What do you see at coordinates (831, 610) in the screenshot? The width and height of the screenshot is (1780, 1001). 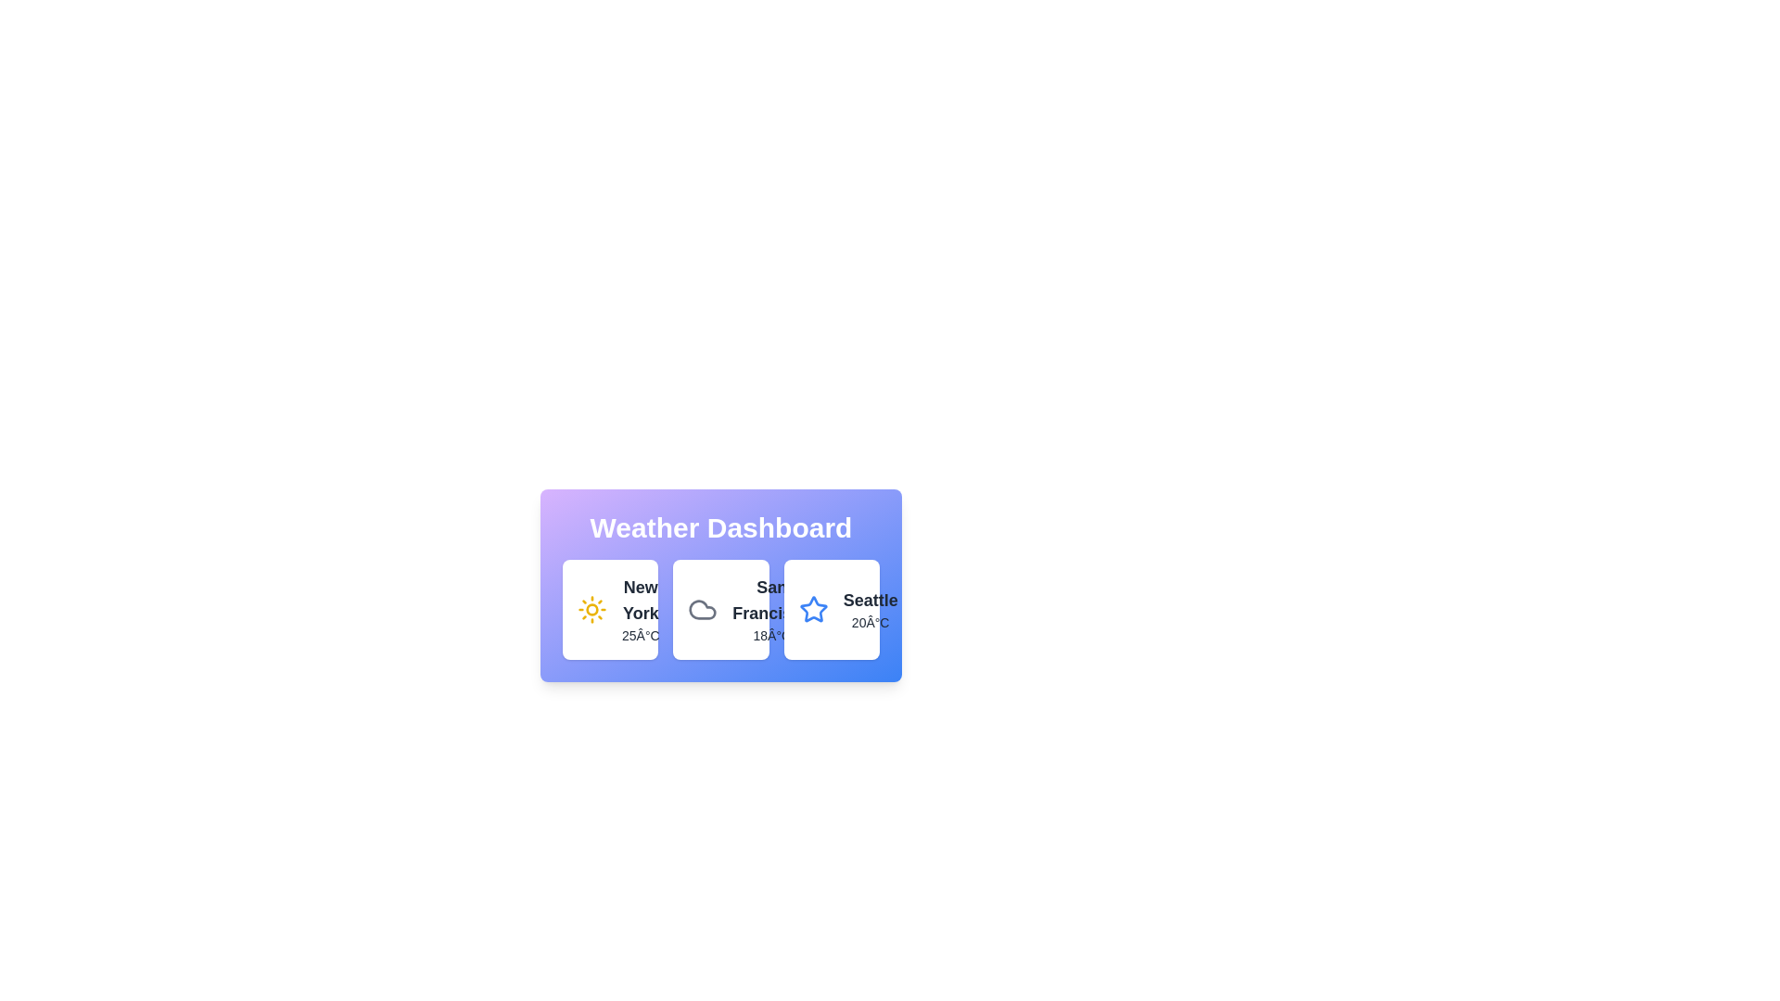 I see `the contents of the weather information card displaying the temperature for Seattle, which is the third card in a horizontal row of three cards` at bounding box center [831, 610].